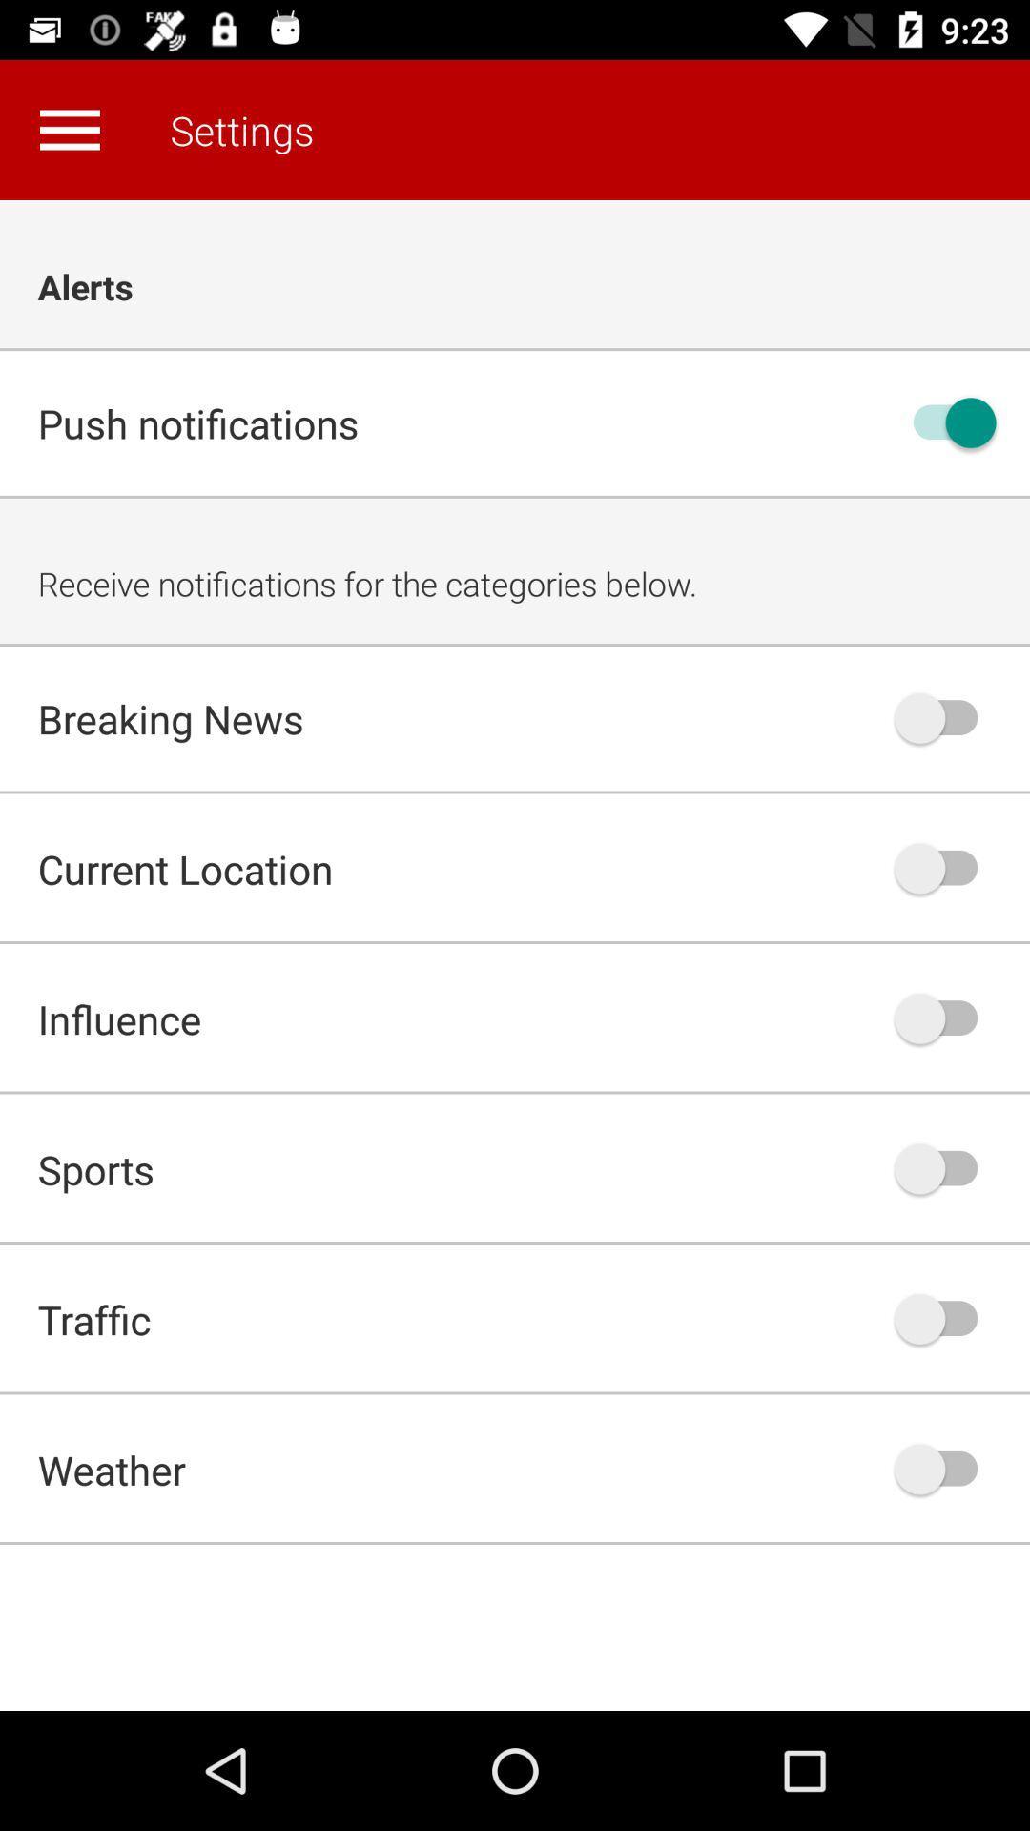 The image size is (1030, 1831). I want to click on weather notification option, so click(945, 1468).